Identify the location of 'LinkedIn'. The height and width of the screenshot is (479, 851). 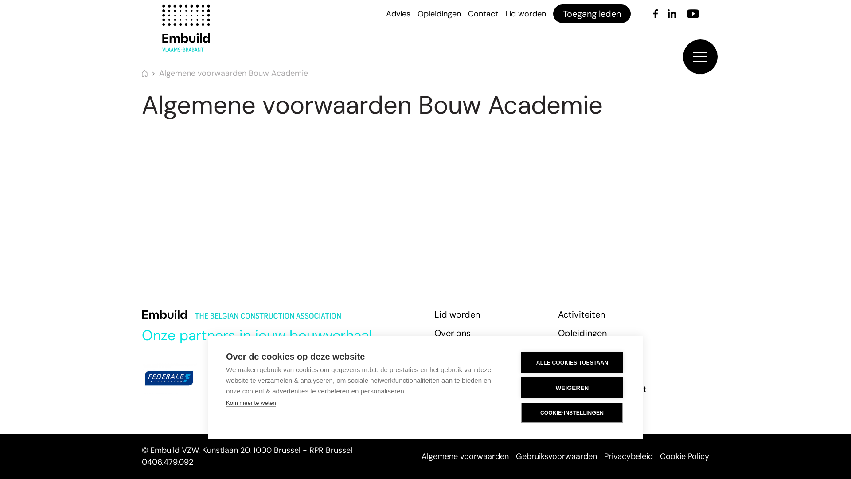
(672, 13).